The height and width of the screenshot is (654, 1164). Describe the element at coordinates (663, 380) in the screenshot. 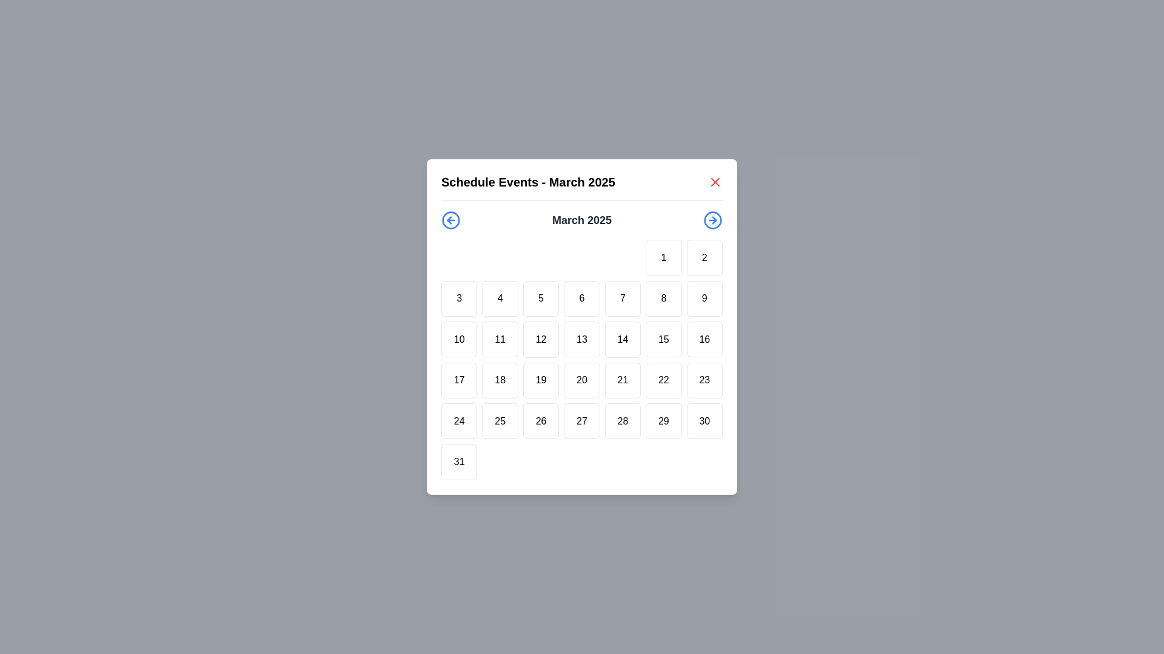

I see `the calendar date button displaying '22' in the fourth row and sixth column of the calendar grid layout for a tooltip or highlight effect` at that location.